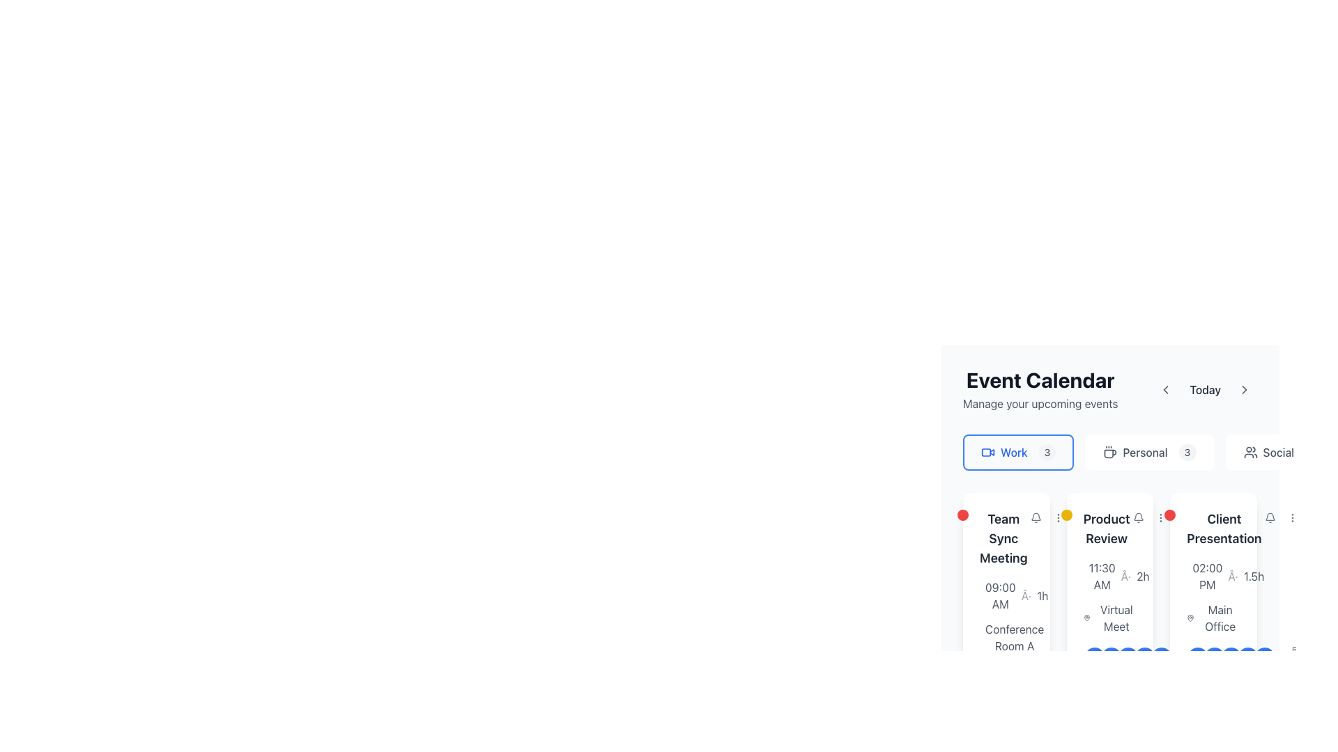  What do you see at coordinates (985, 453) in the screenshot?
I see `the rectangular Icon component with rounded corners, styled with a 2px stroke, located next to the 'Work' label in the 'Event Calendar' section` at bounding box center [985, 453].